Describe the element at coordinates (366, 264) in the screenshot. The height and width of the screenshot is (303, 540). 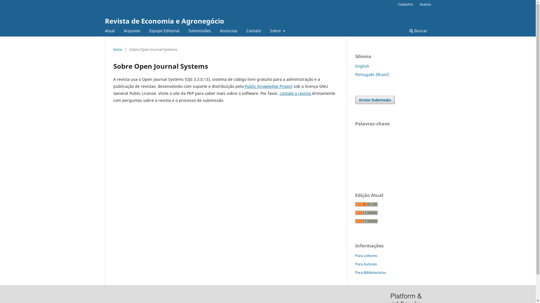
I see `'Para Autores'` at that location.